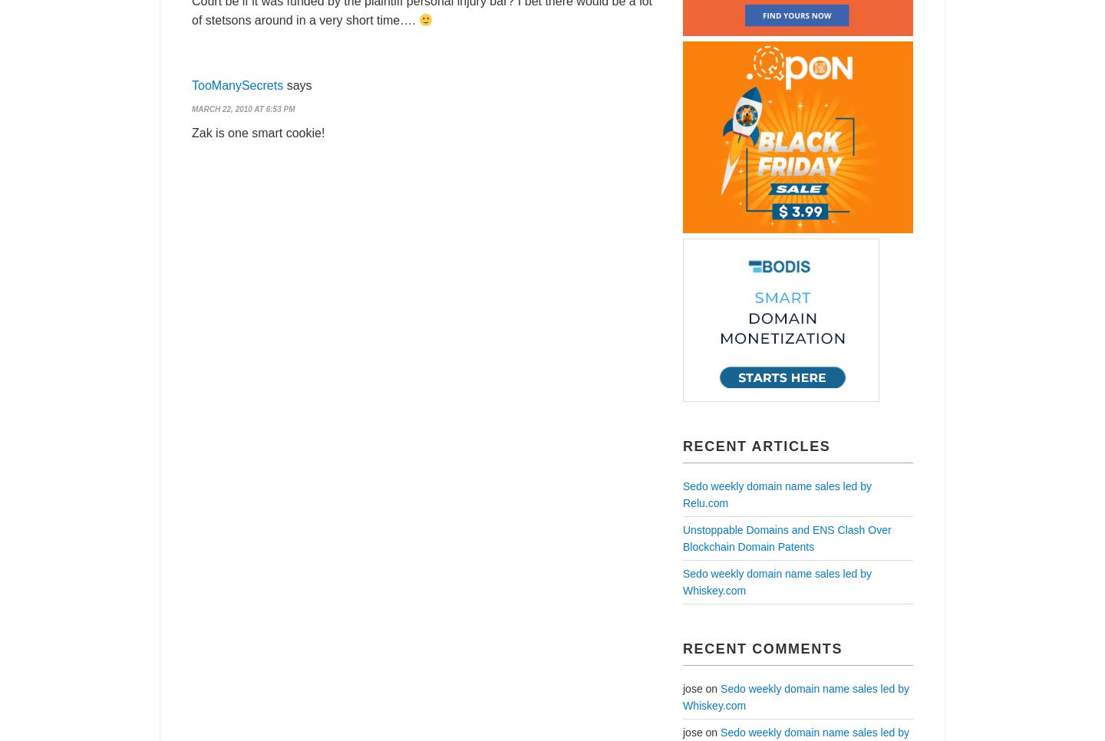 Image resolution: width=1105 pixels, height=741 pixels. I want to click on 'Unstoppable Domains and ENS Clash Over Blockchain Domain Patents', so click(787, 537).